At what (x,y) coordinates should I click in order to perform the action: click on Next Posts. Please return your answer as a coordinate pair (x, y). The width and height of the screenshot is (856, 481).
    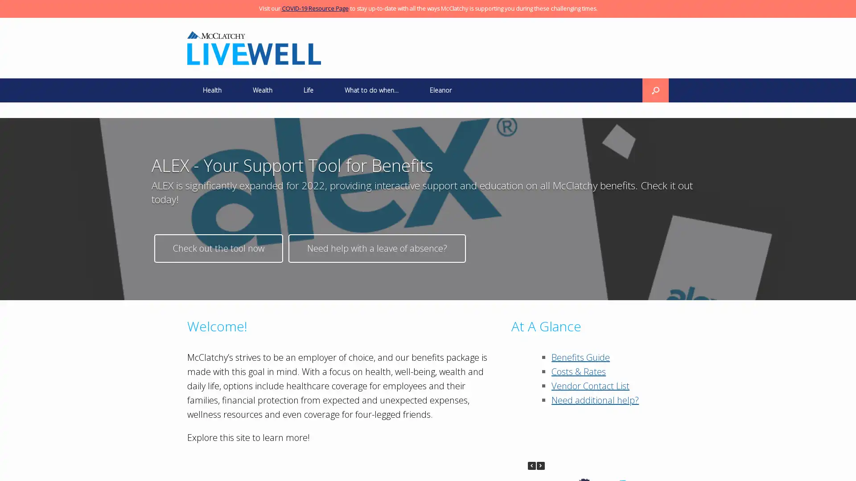
    Looking at the image, I should click on (540, 465).